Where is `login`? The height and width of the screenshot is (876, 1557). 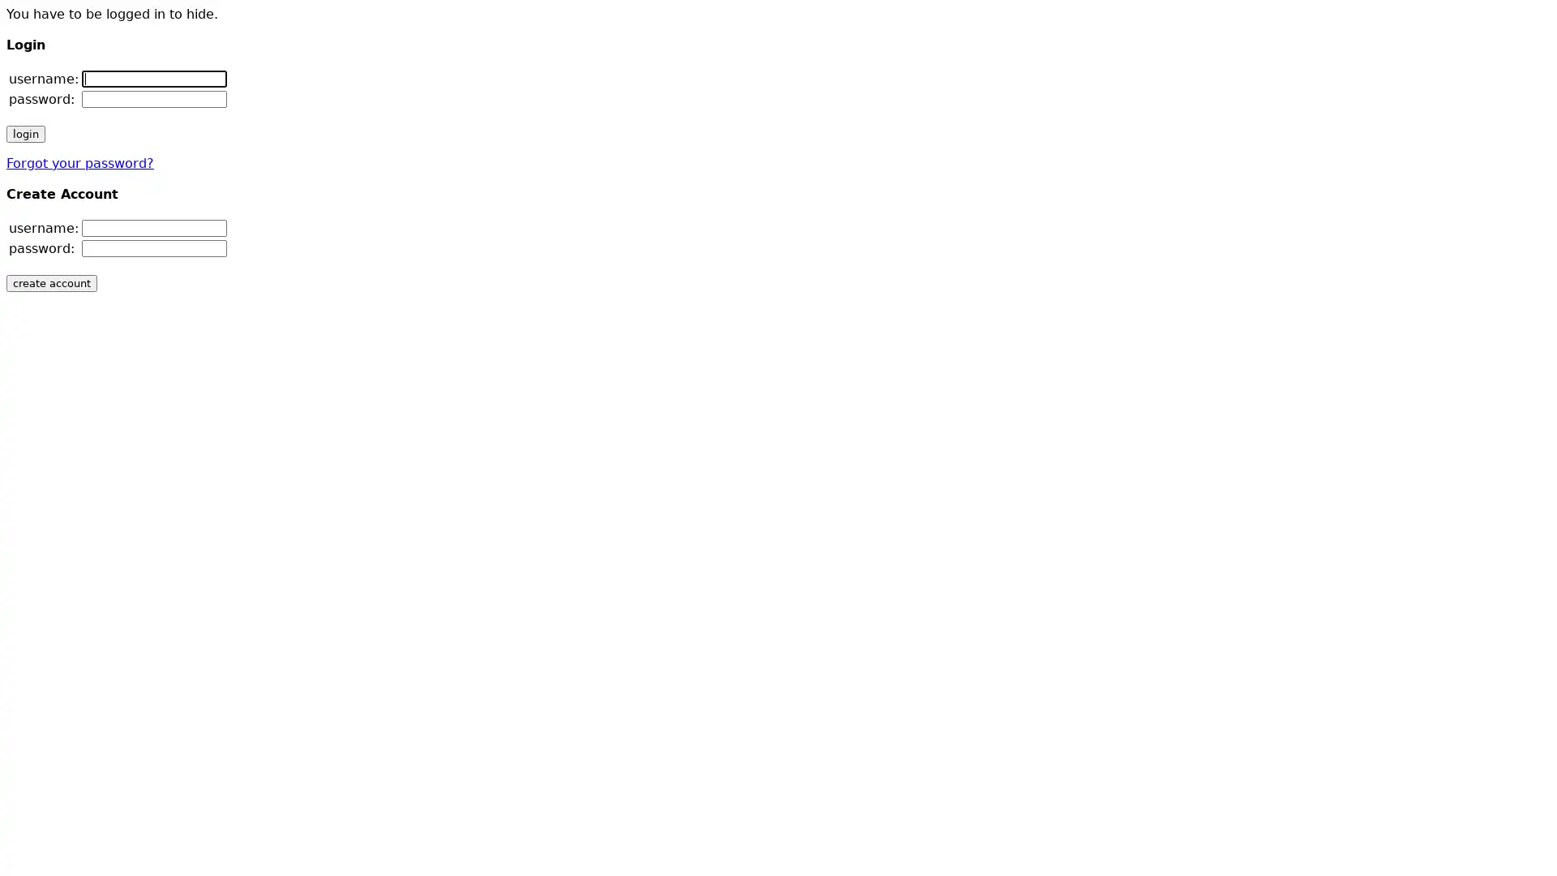
login is located at coordinates (26, 133).